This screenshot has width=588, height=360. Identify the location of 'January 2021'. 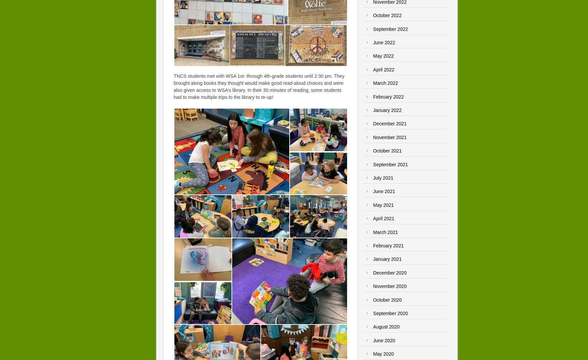
(387, 258).